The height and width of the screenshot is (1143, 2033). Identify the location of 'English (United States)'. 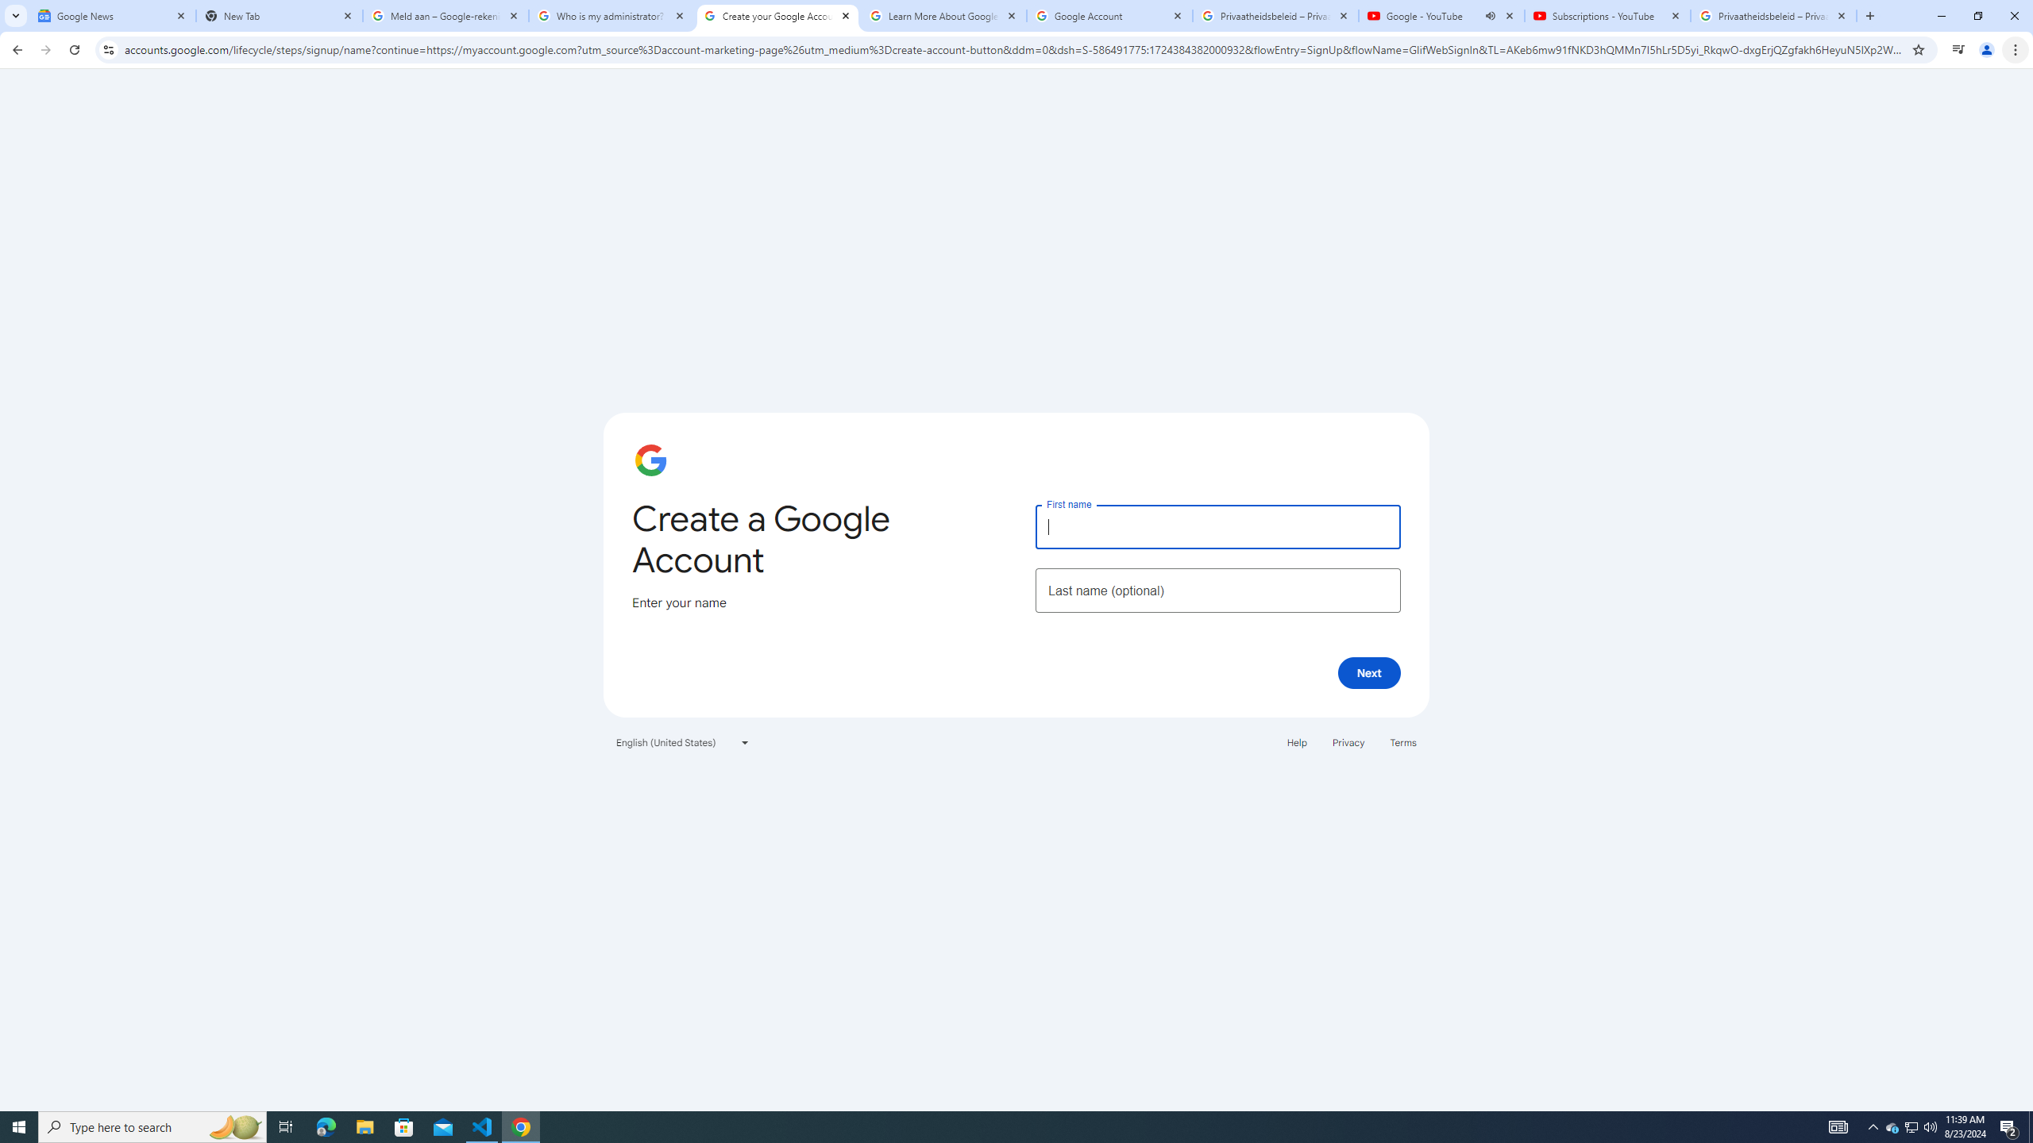
(683, 741).